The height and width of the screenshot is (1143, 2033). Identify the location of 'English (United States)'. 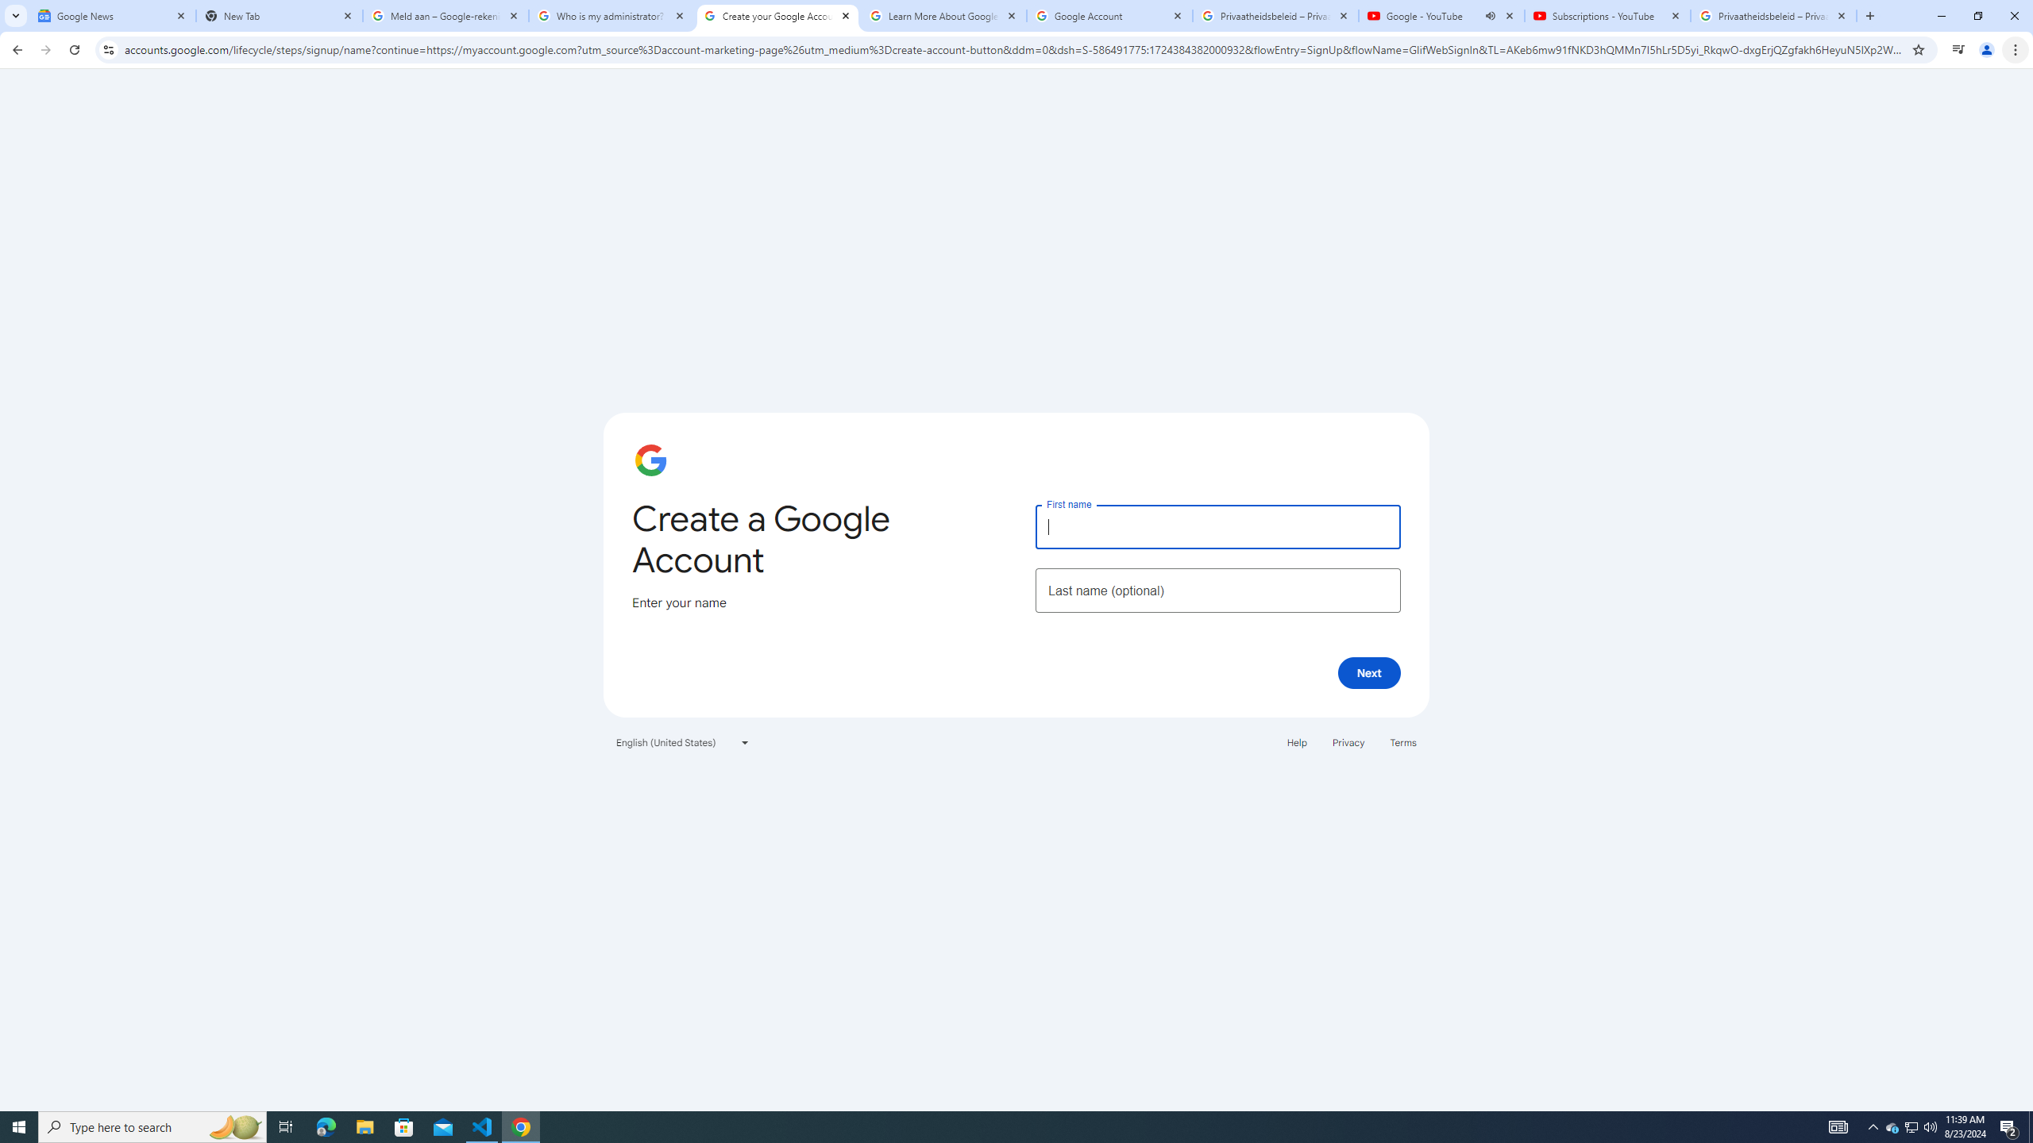
(683, 741).